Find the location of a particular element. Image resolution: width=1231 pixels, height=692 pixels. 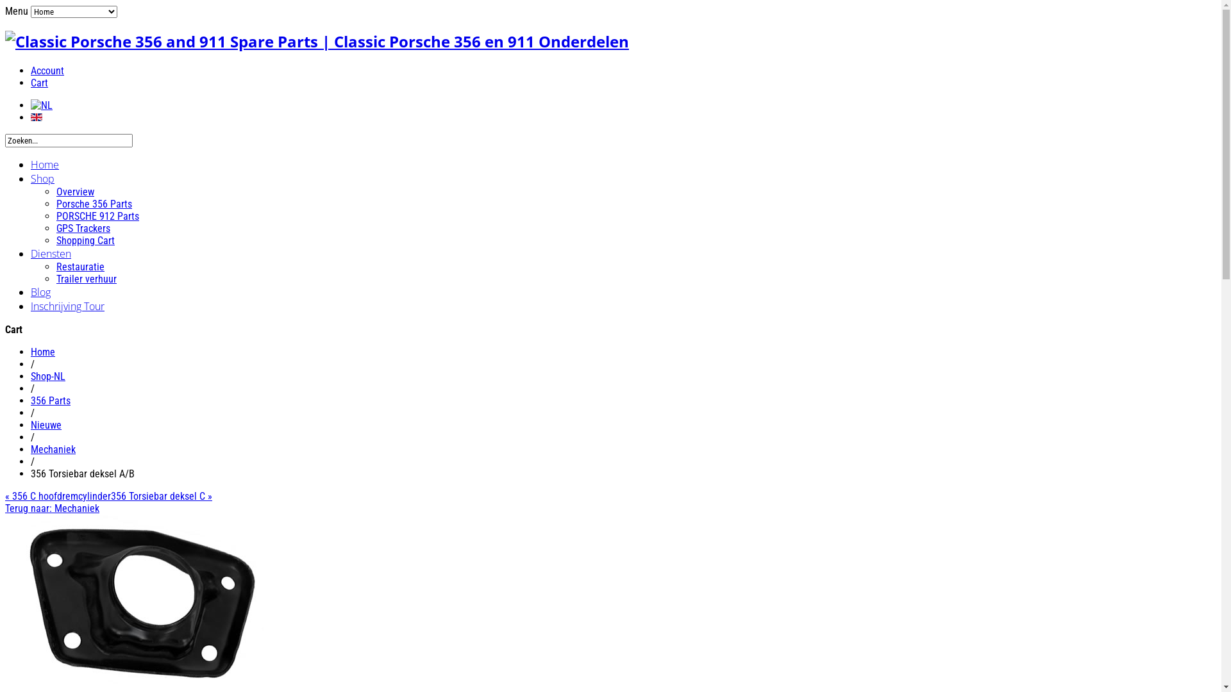

'Home' is located at coordinates (43, 352).